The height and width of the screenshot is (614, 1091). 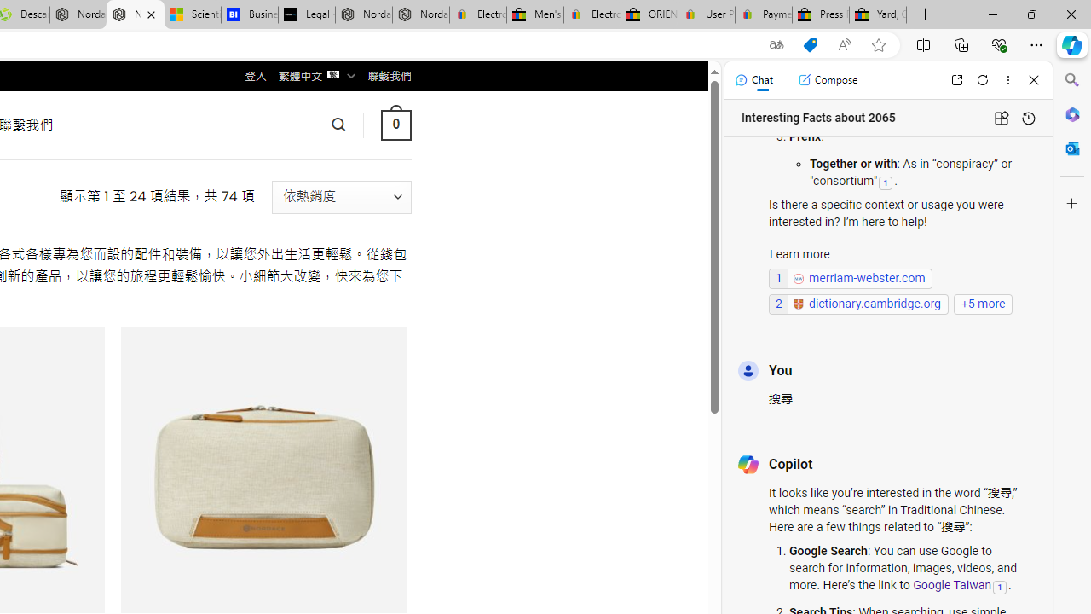 I want to click on '  0  ', so click(x=395, y=124).